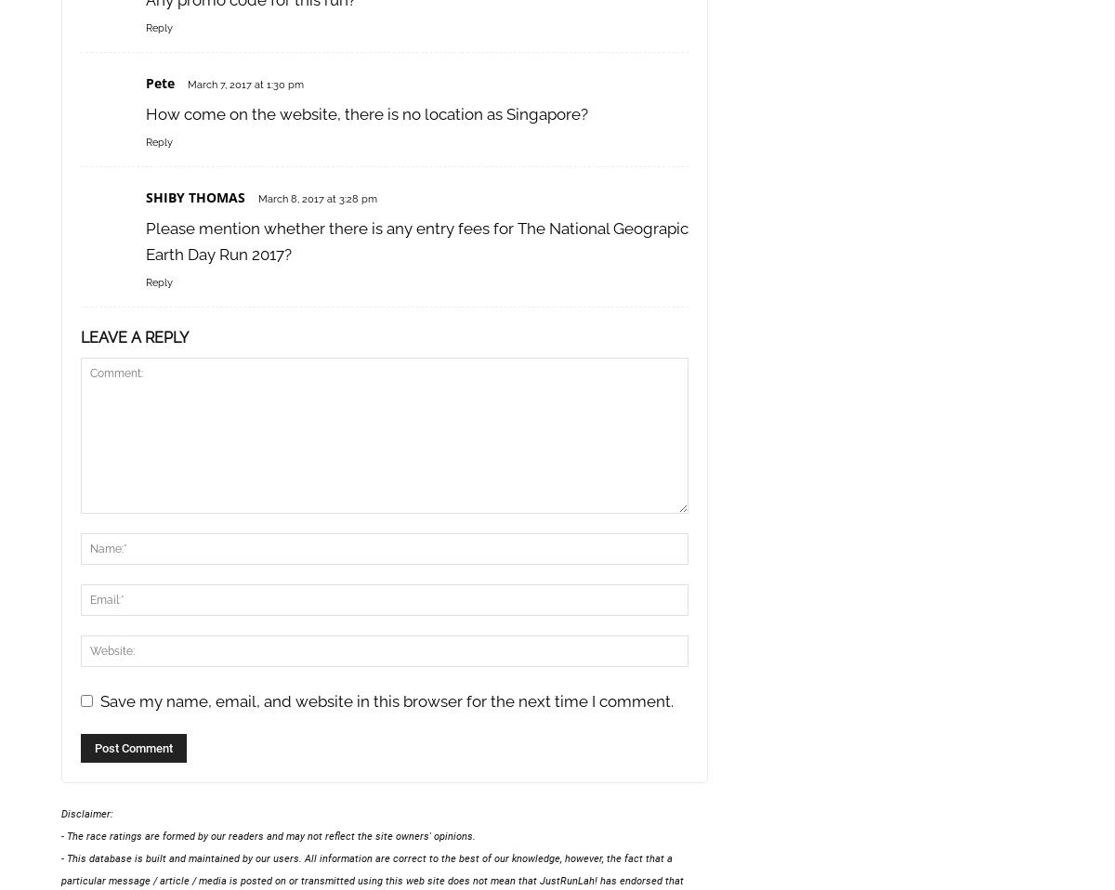 The image size is (1115, 890). I want to click on 'March 8, 2017 at 3:28 pm', so click(317, 198).